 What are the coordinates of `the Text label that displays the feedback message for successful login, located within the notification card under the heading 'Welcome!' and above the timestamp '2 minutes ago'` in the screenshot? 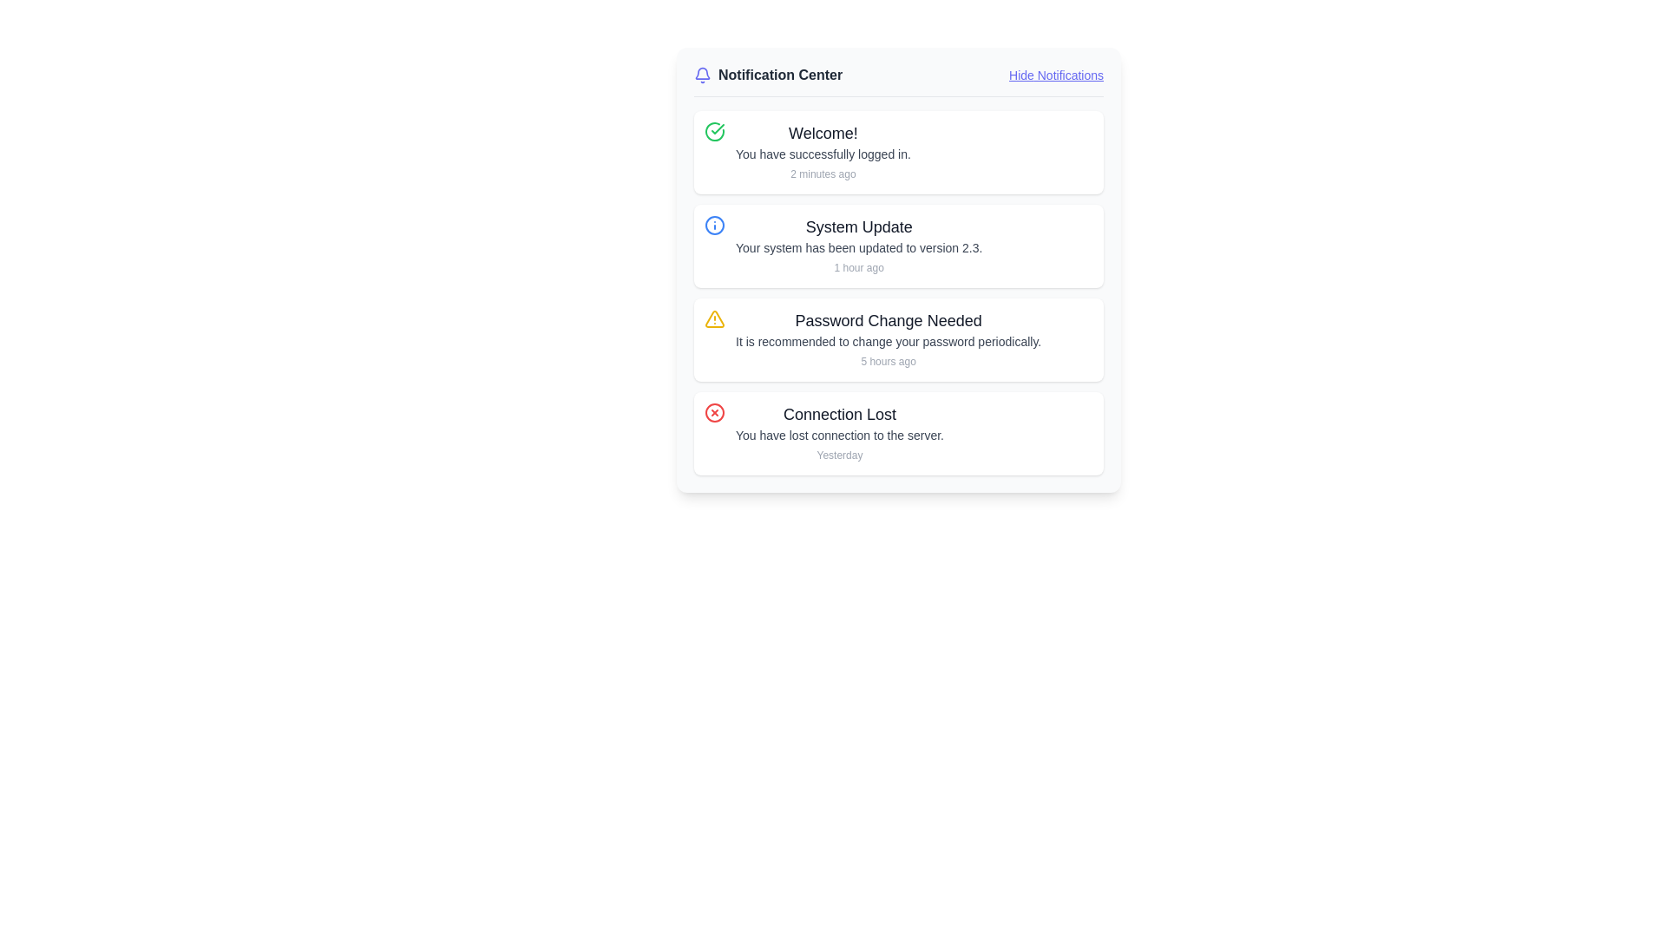 It's located at (822, 153).